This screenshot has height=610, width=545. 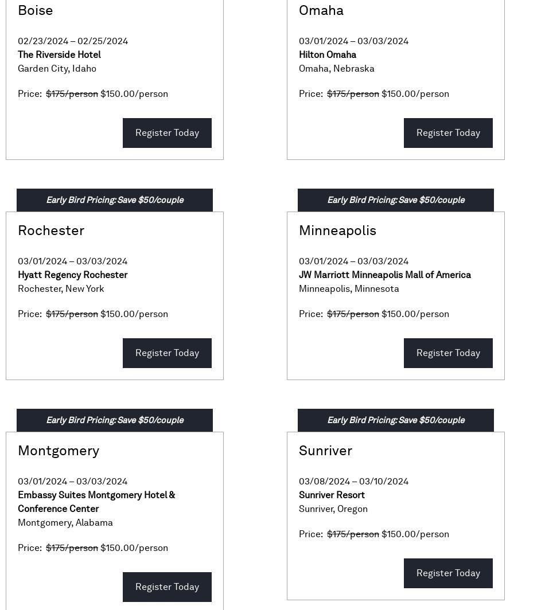 I want to click on 'Alabama', so click(x=94, y=522).